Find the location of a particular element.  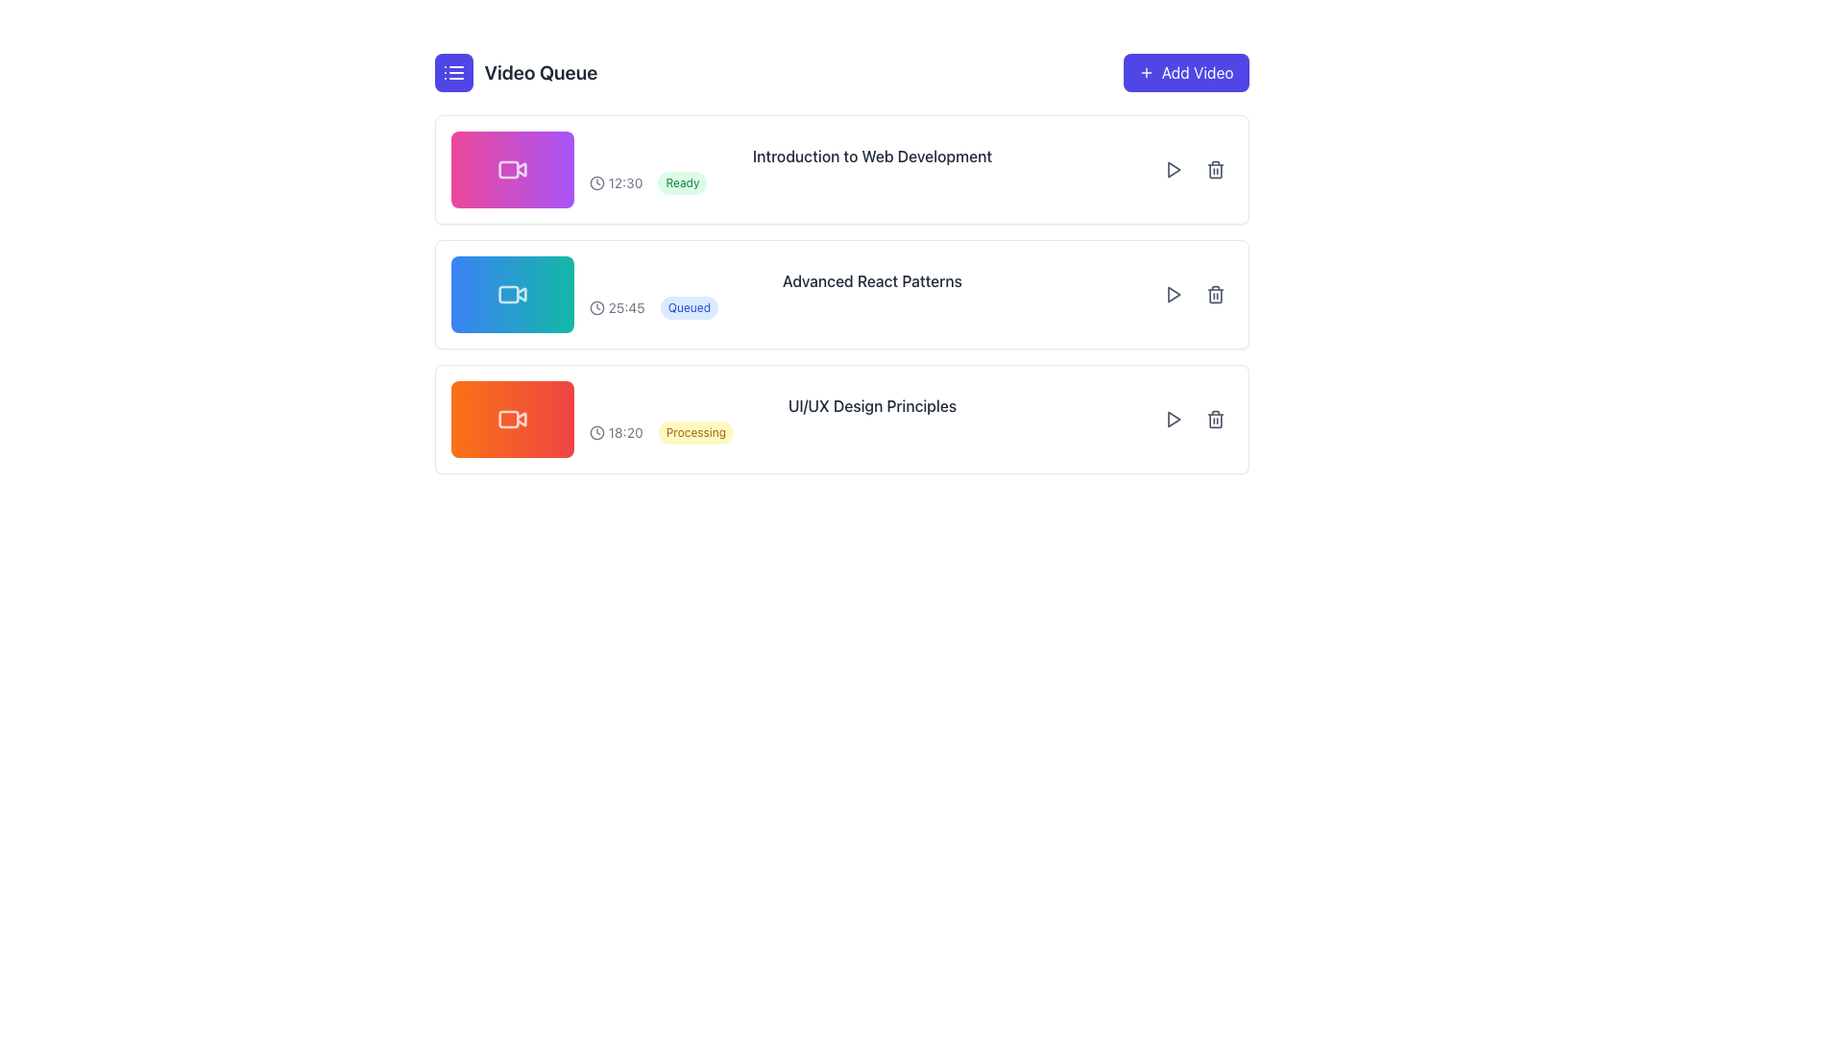

the Status badge with the text 'Ready', which has a green background and is located to the right of '12:30' in the first item of a vertical list of videos is located at coordinates (682, 183).